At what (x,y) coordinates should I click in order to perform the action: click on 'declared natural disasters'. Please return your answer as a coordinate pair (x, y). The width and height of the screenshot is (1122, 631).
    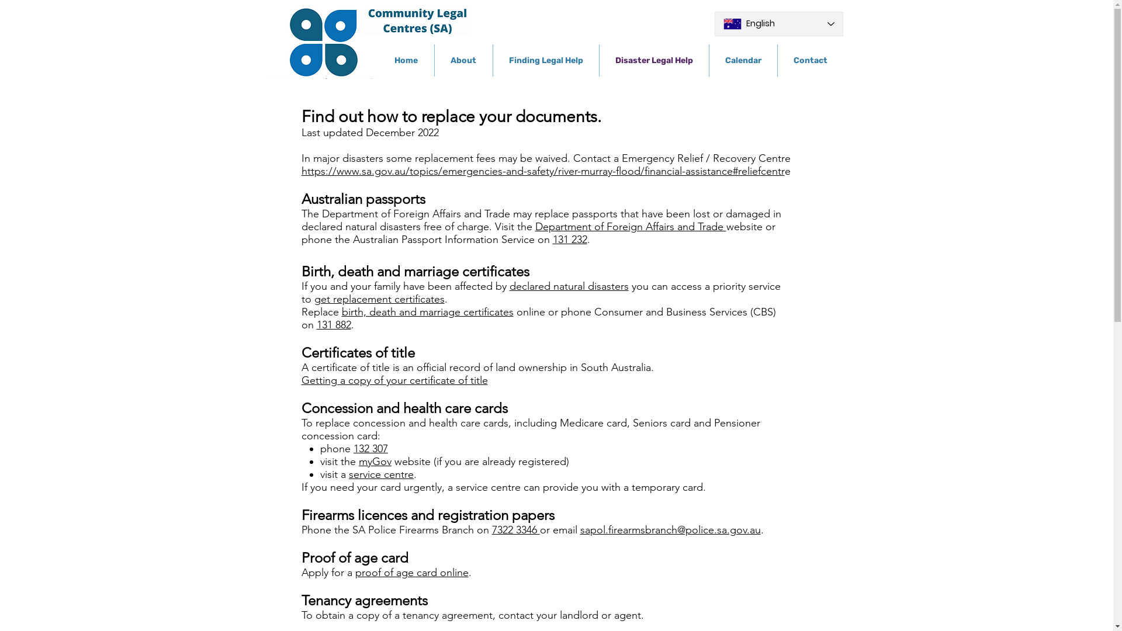
    Looking at the image, I should click on (569, 286).